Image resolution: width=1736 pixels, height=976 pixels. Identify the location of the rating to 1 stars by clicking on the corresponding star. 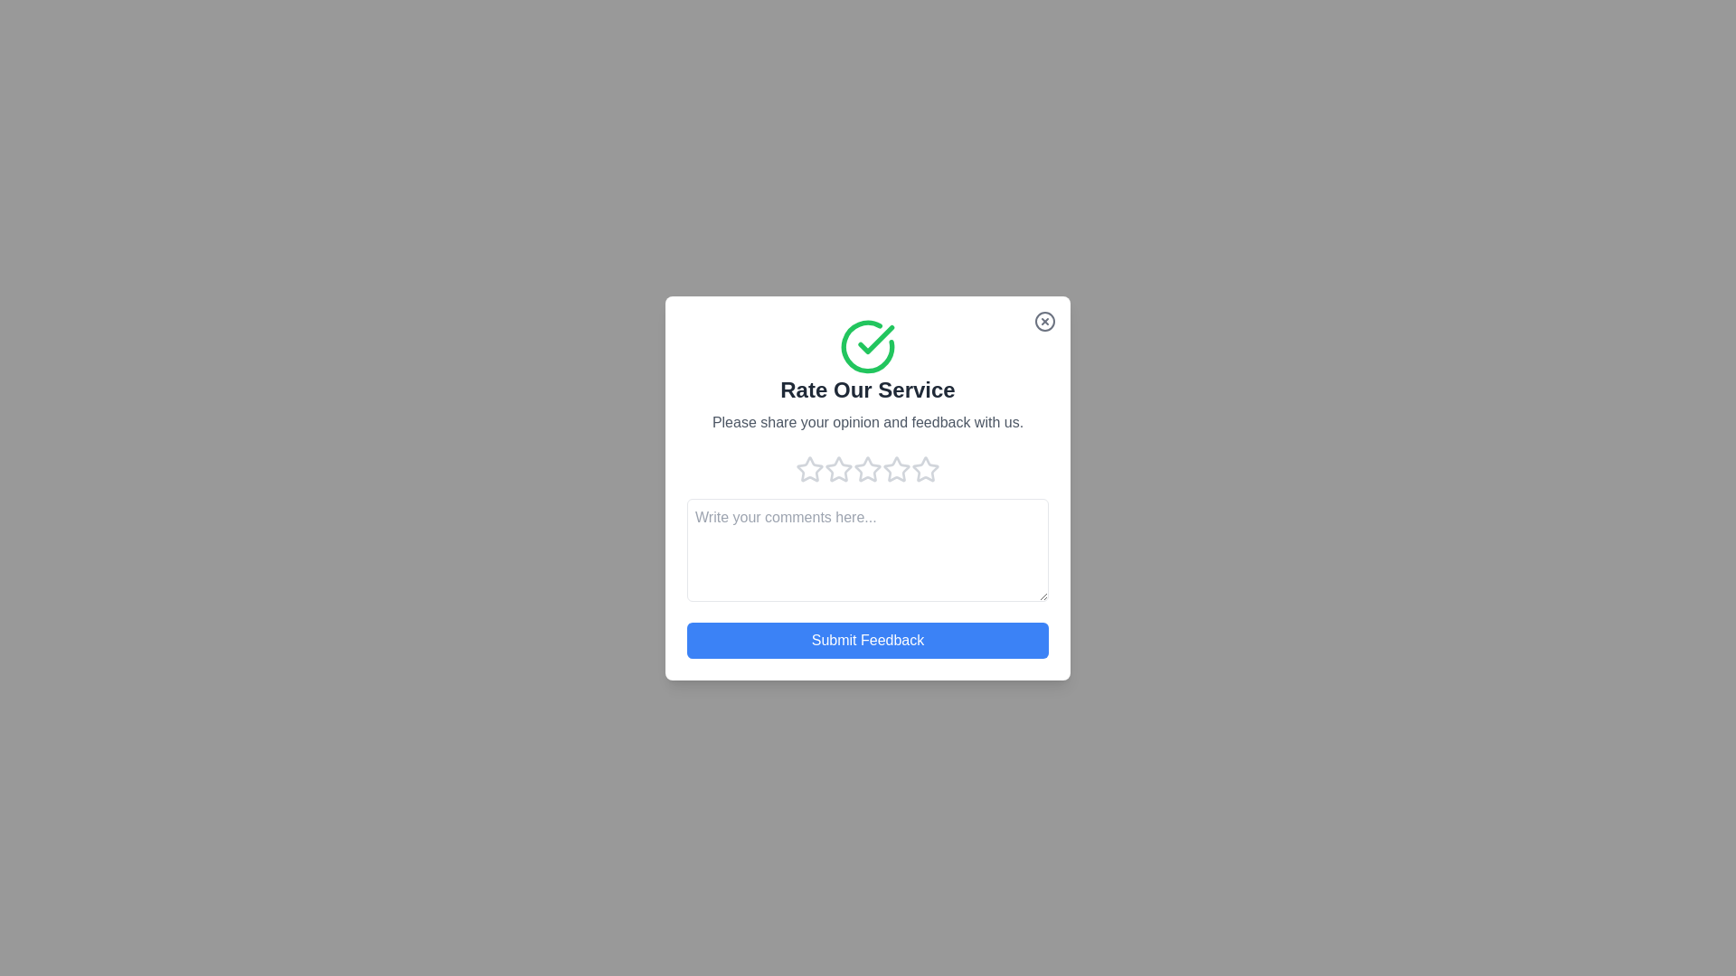
(809, 468).